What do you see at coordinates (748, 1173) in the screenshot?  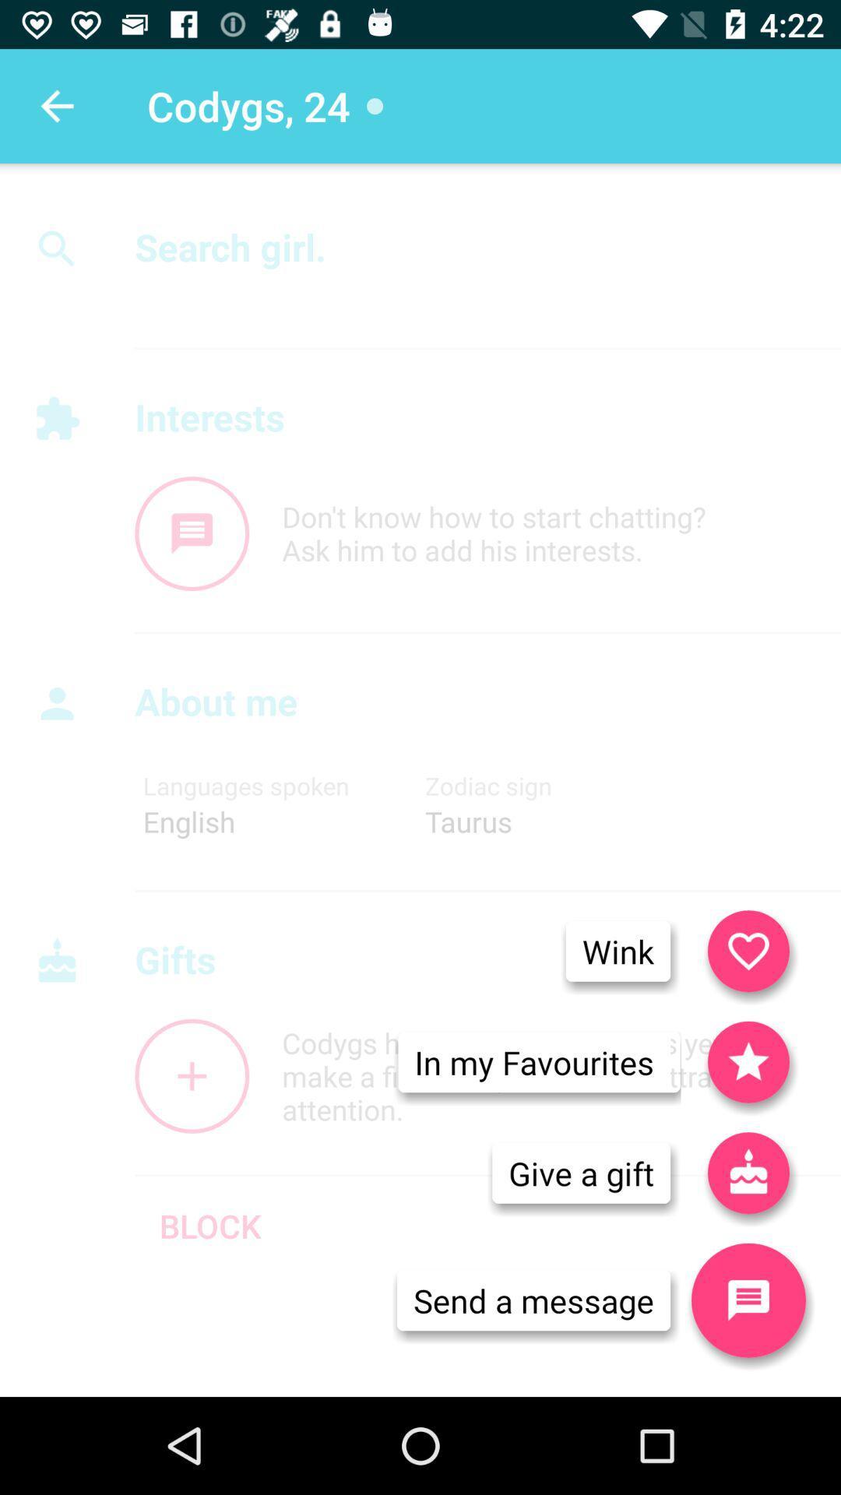 I see `the gift icon` at bounding box center [748, 1173].